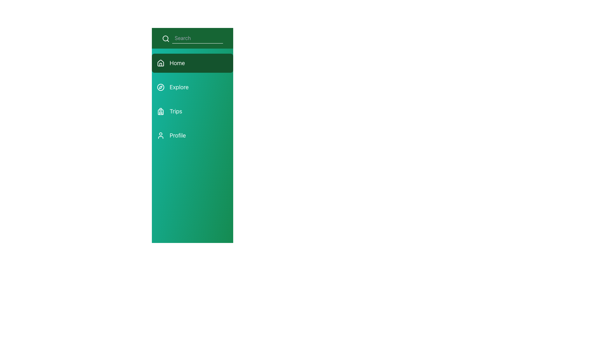  Describe the element at coordinates (160, 87) in the screenshot. I see `the SVG circle element that represents the compass in the 'Explore' menu option, located in the navigation panel` at that location.